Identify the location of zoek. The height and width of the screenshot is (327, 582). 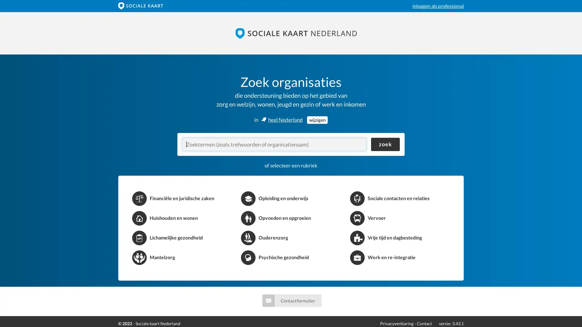
(385, 144).